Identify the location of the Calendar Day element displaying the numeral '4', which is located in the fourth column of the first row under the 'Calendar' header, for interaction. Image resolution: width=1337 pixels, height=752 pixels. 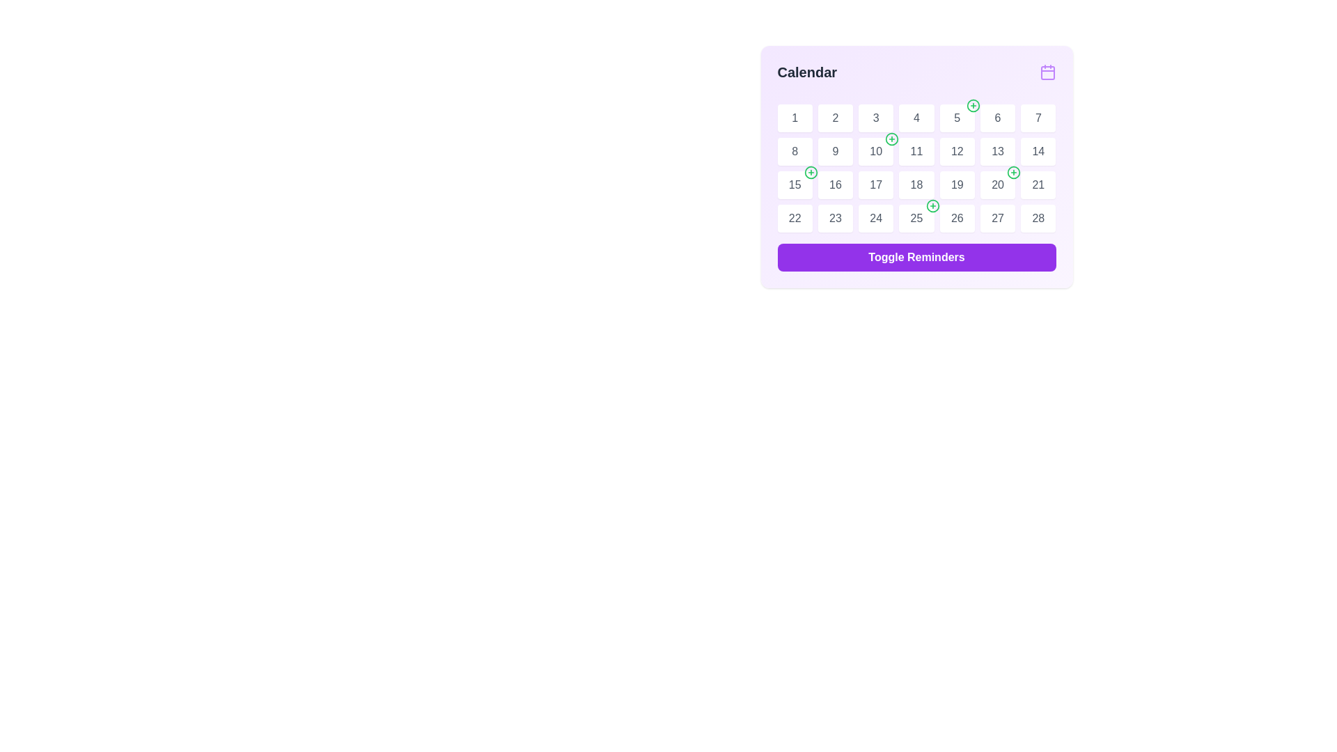
(916, 117).